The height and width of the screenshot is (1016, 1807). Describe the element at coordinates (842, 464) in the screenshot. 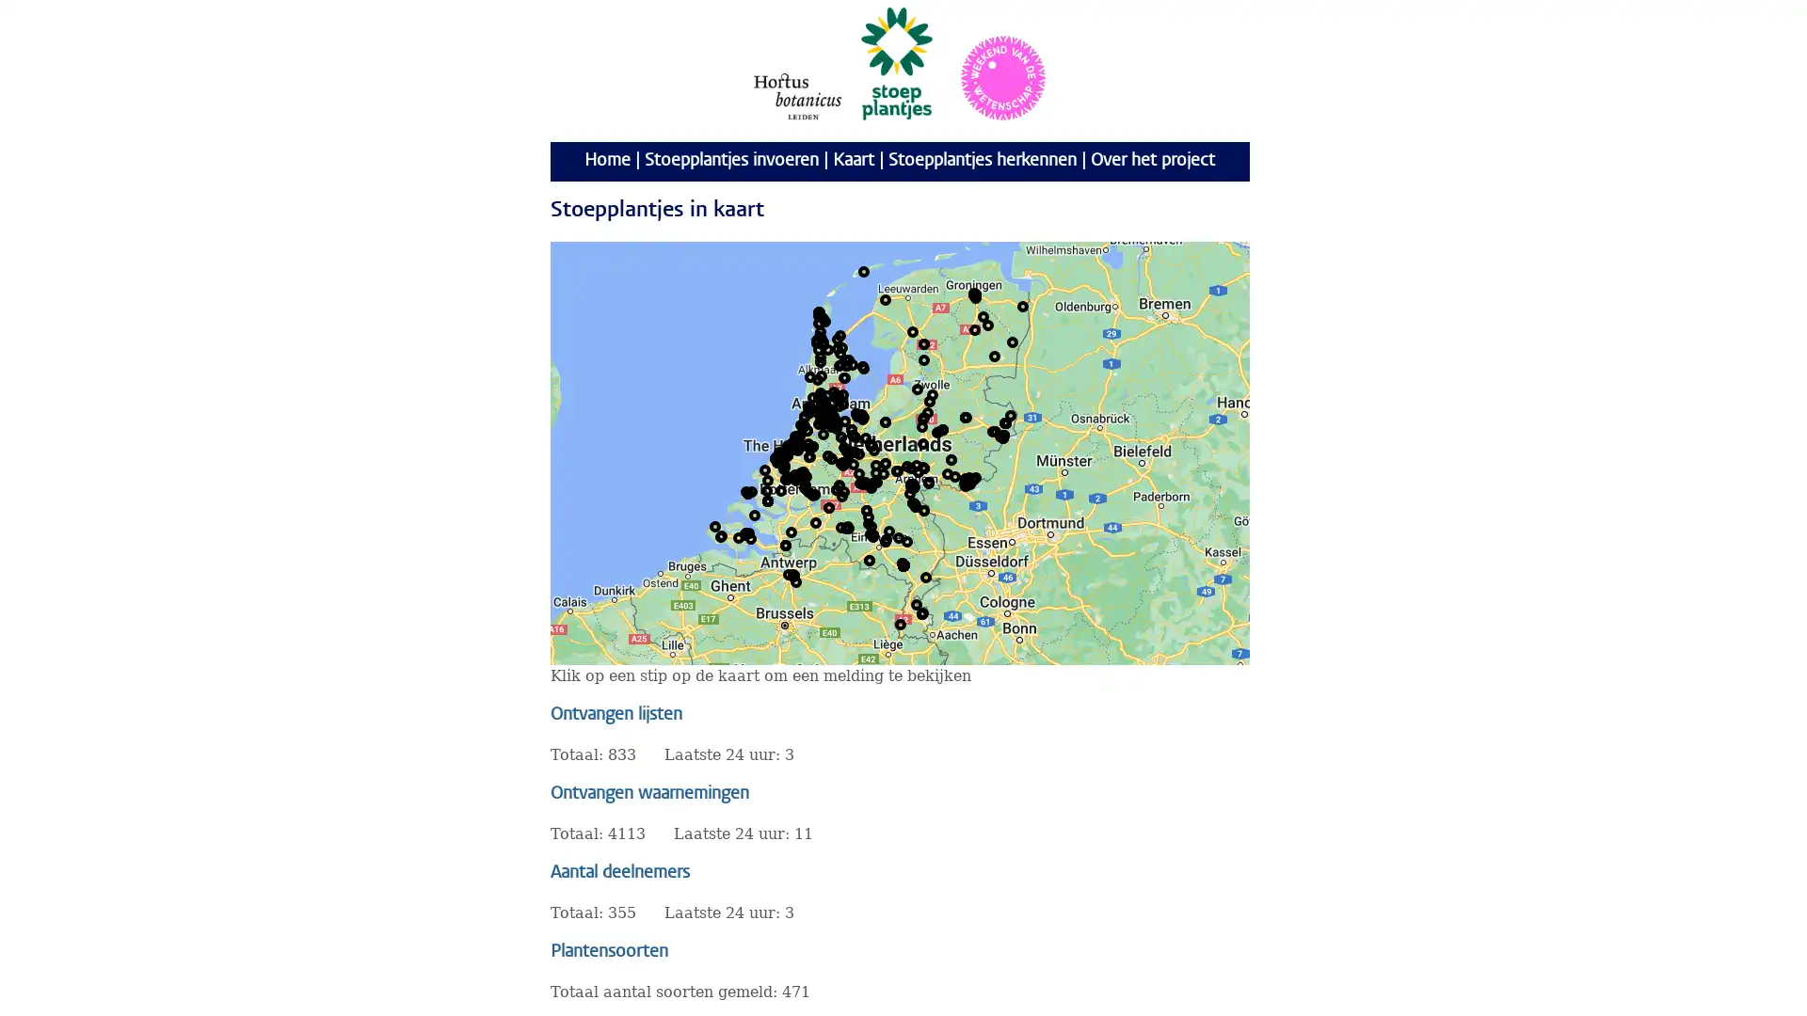

I see `Telling van karian op 19 mei 2022` at that location.